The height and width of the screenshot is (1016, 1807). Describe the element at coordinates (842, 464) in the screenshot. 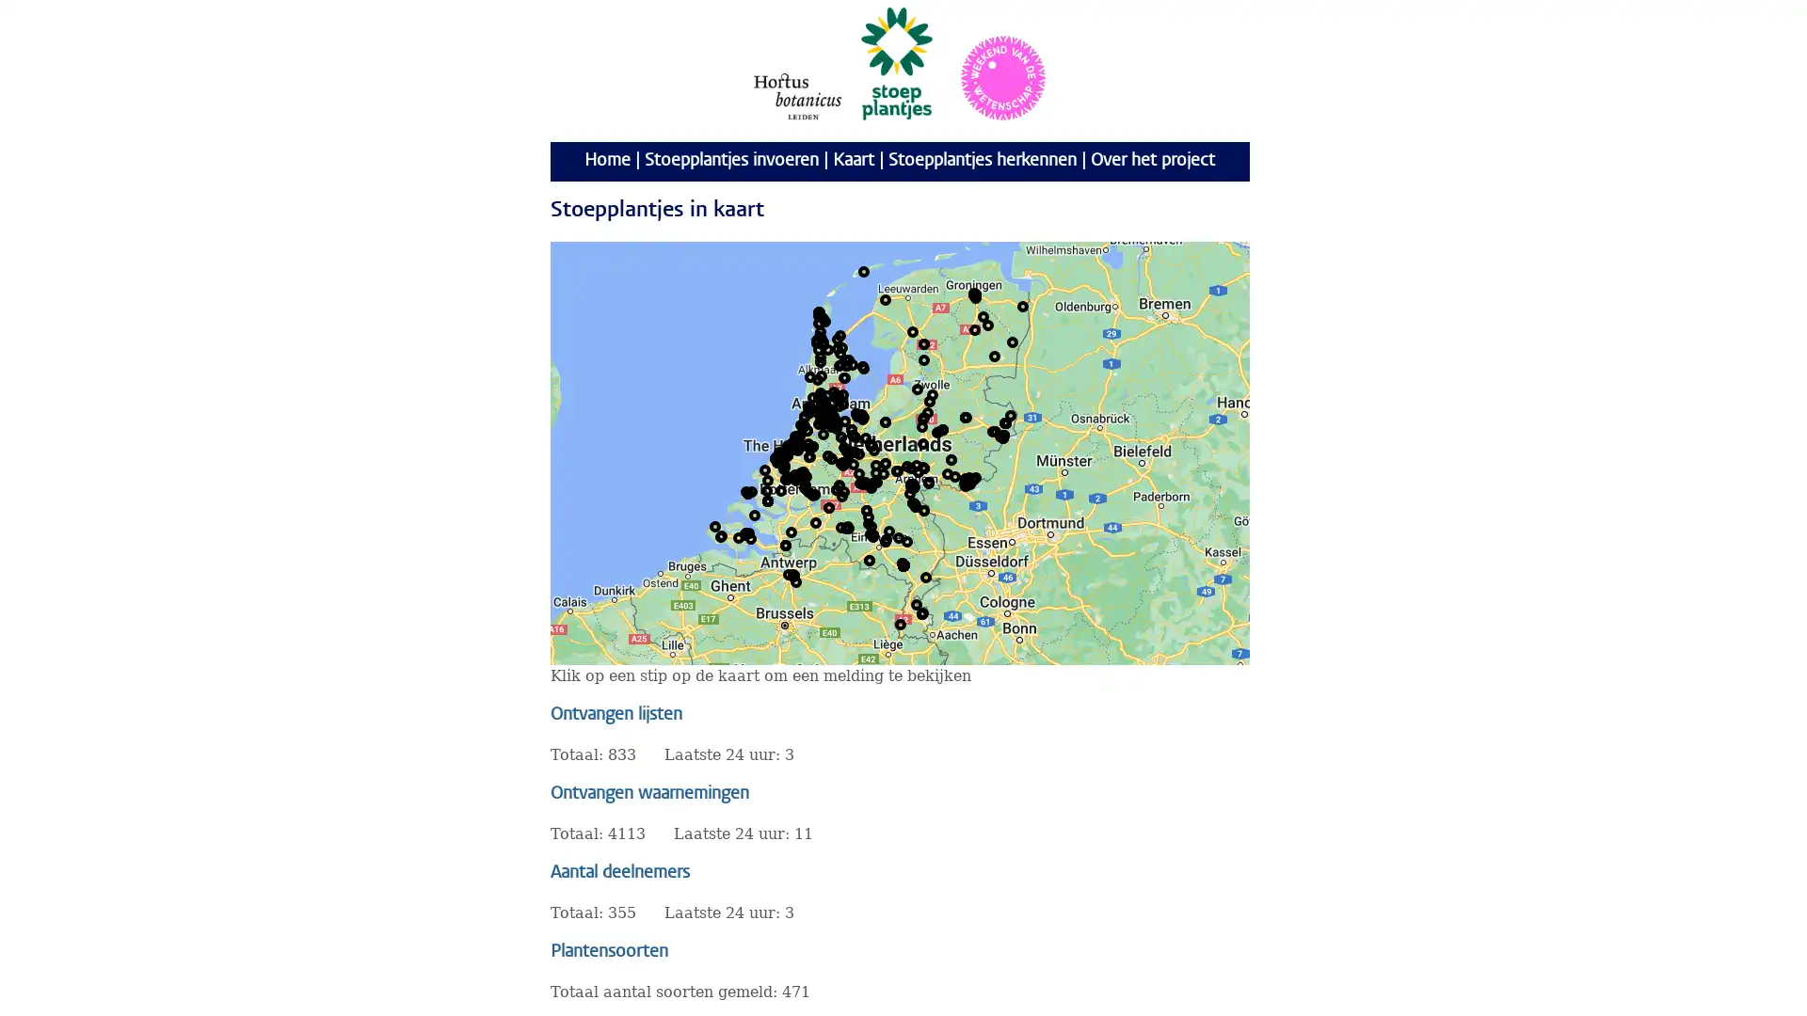

I see `Telling van karian op 19 mei 2022` at that location.